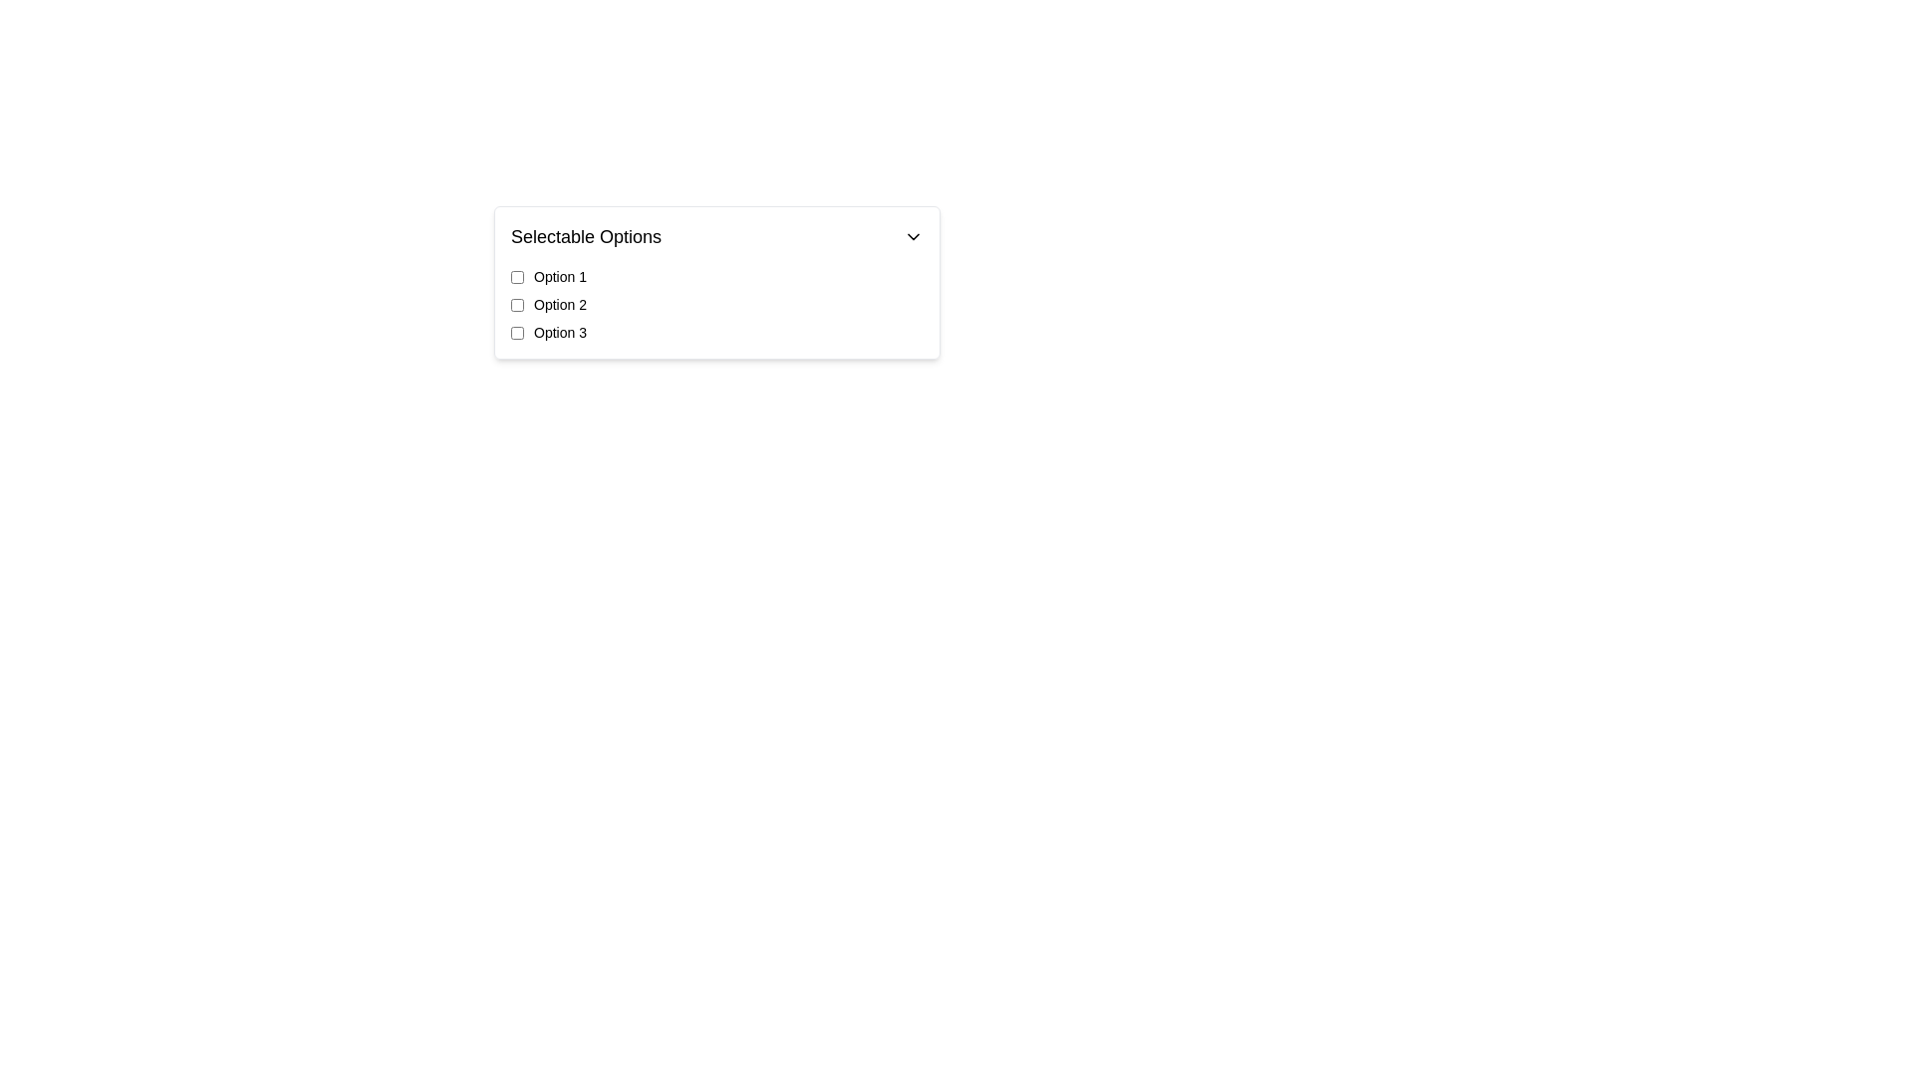  I want to click on the text label 'Option 2', which is the second item in a list of selectable options, aligned with a checkbox, so click(559, 304).